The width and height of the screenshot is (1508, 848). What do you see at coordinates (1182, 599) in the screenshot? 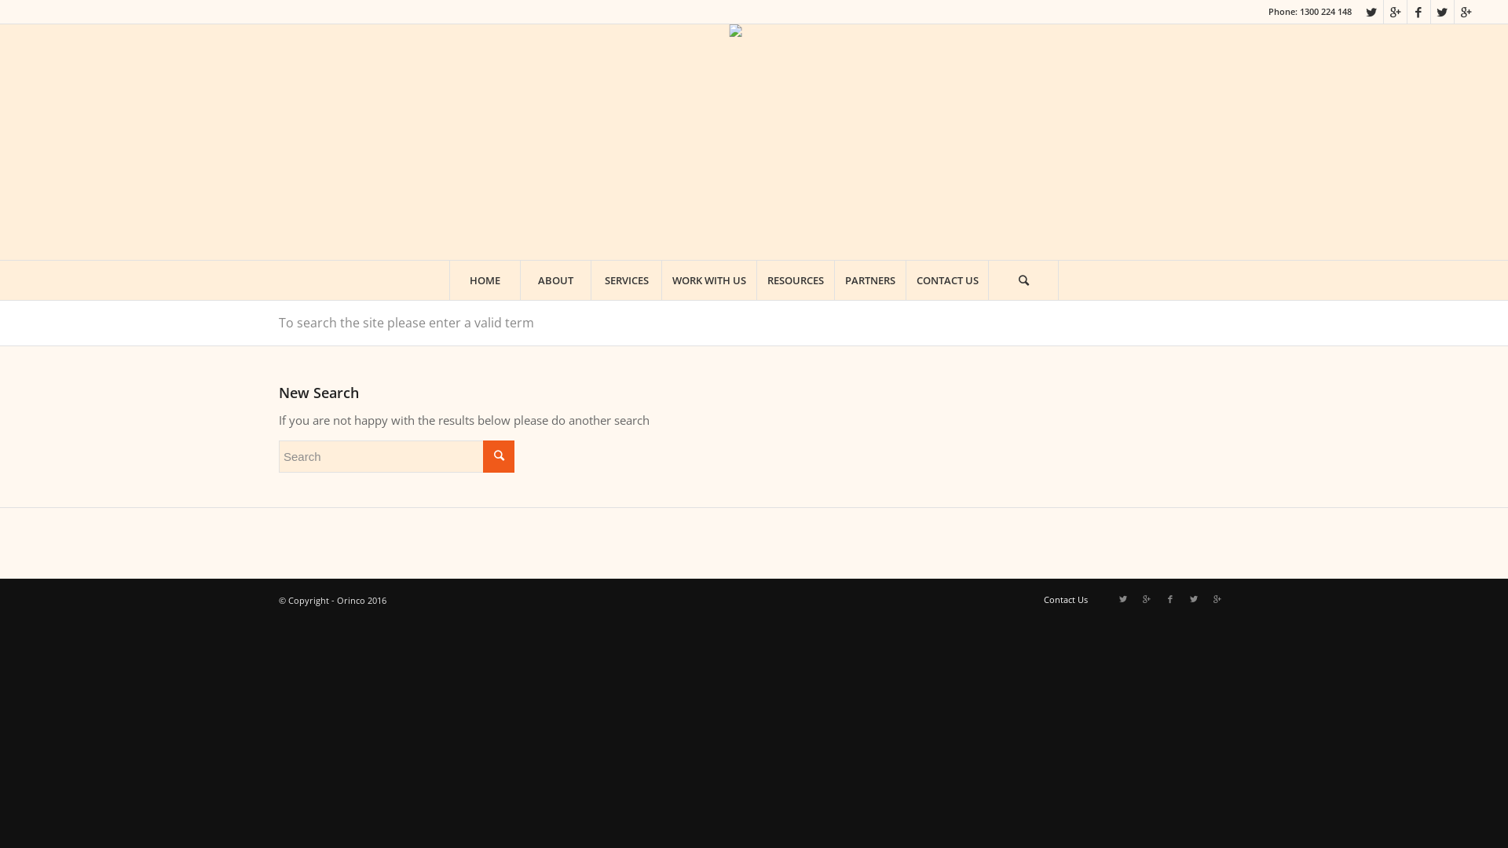
I see `'Twitter'` at bounding box center [1182, 599].